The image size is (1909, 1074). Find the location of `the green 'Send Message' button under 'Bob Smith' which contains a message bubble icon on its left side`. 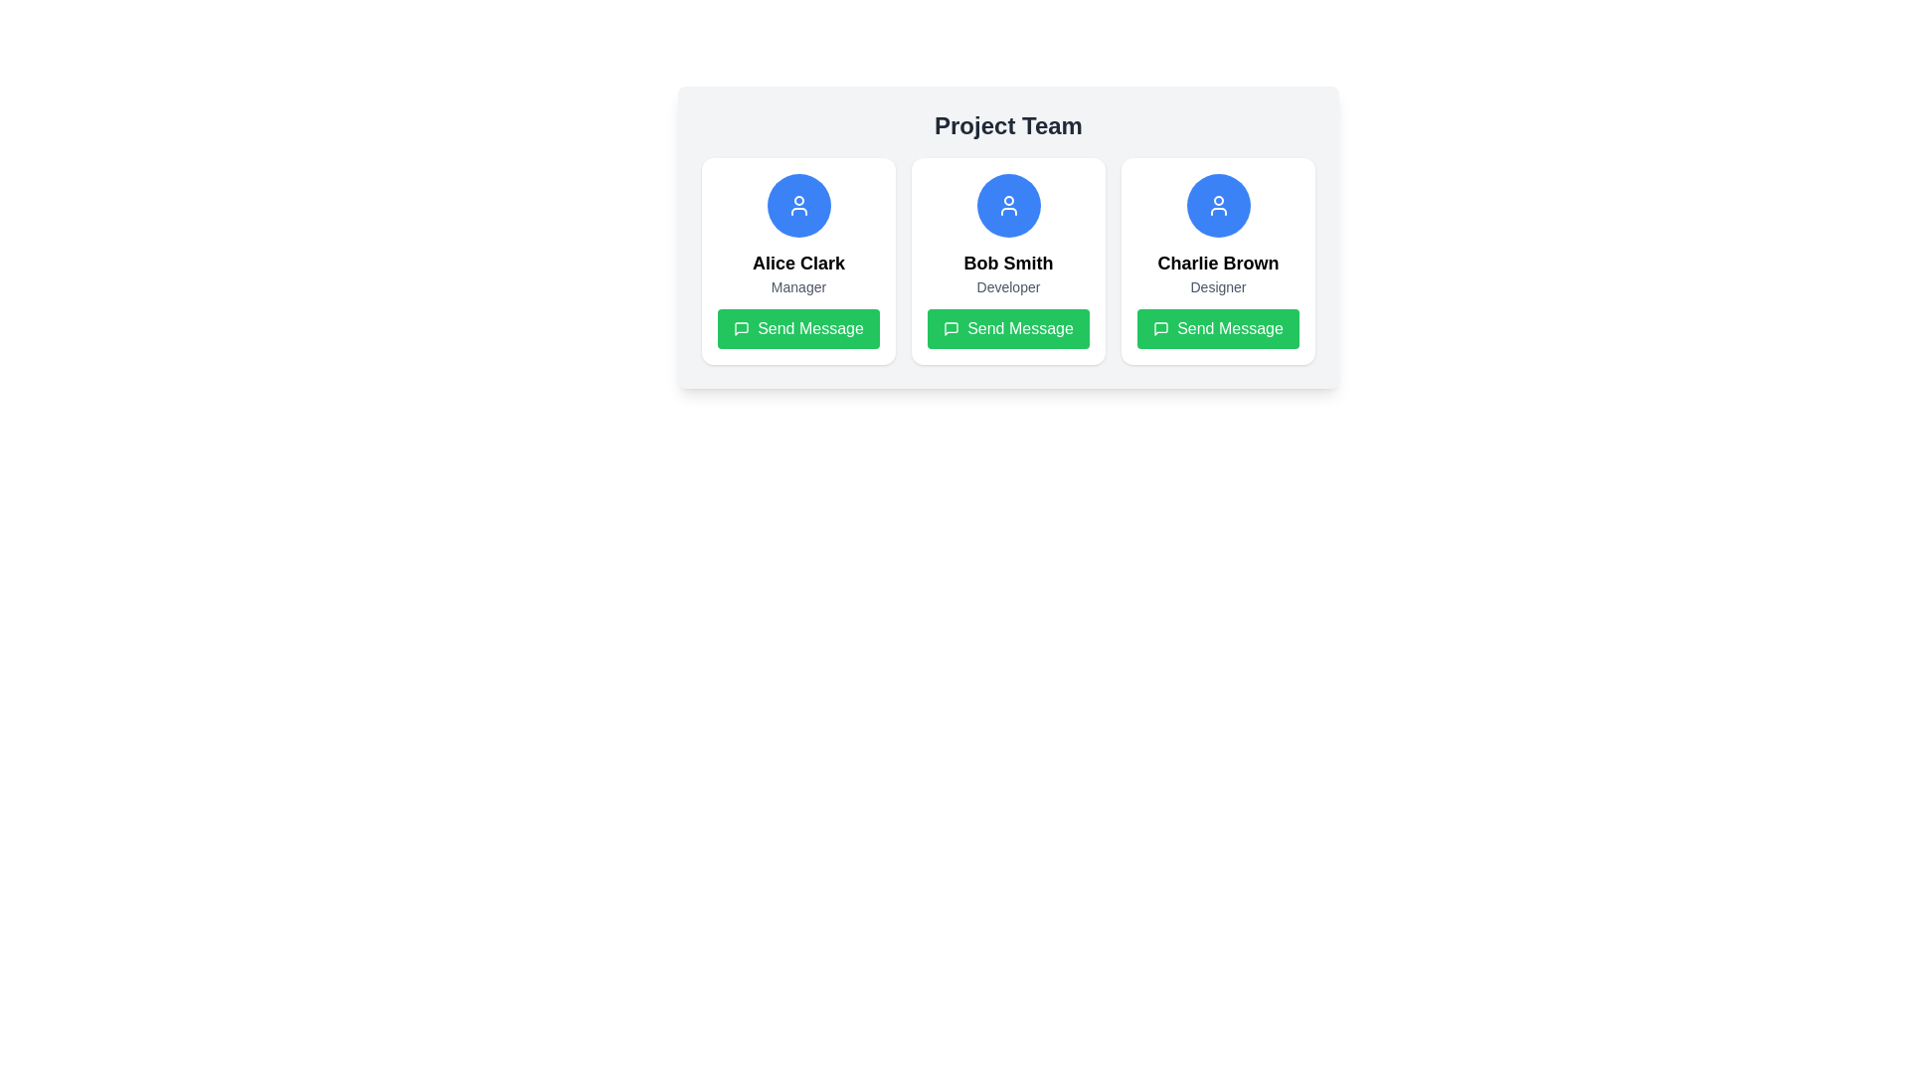

the green 'Send Message' button under 'Bob Smith' which contains a message bubble icon on its left side is located at coordinates (951, 328).